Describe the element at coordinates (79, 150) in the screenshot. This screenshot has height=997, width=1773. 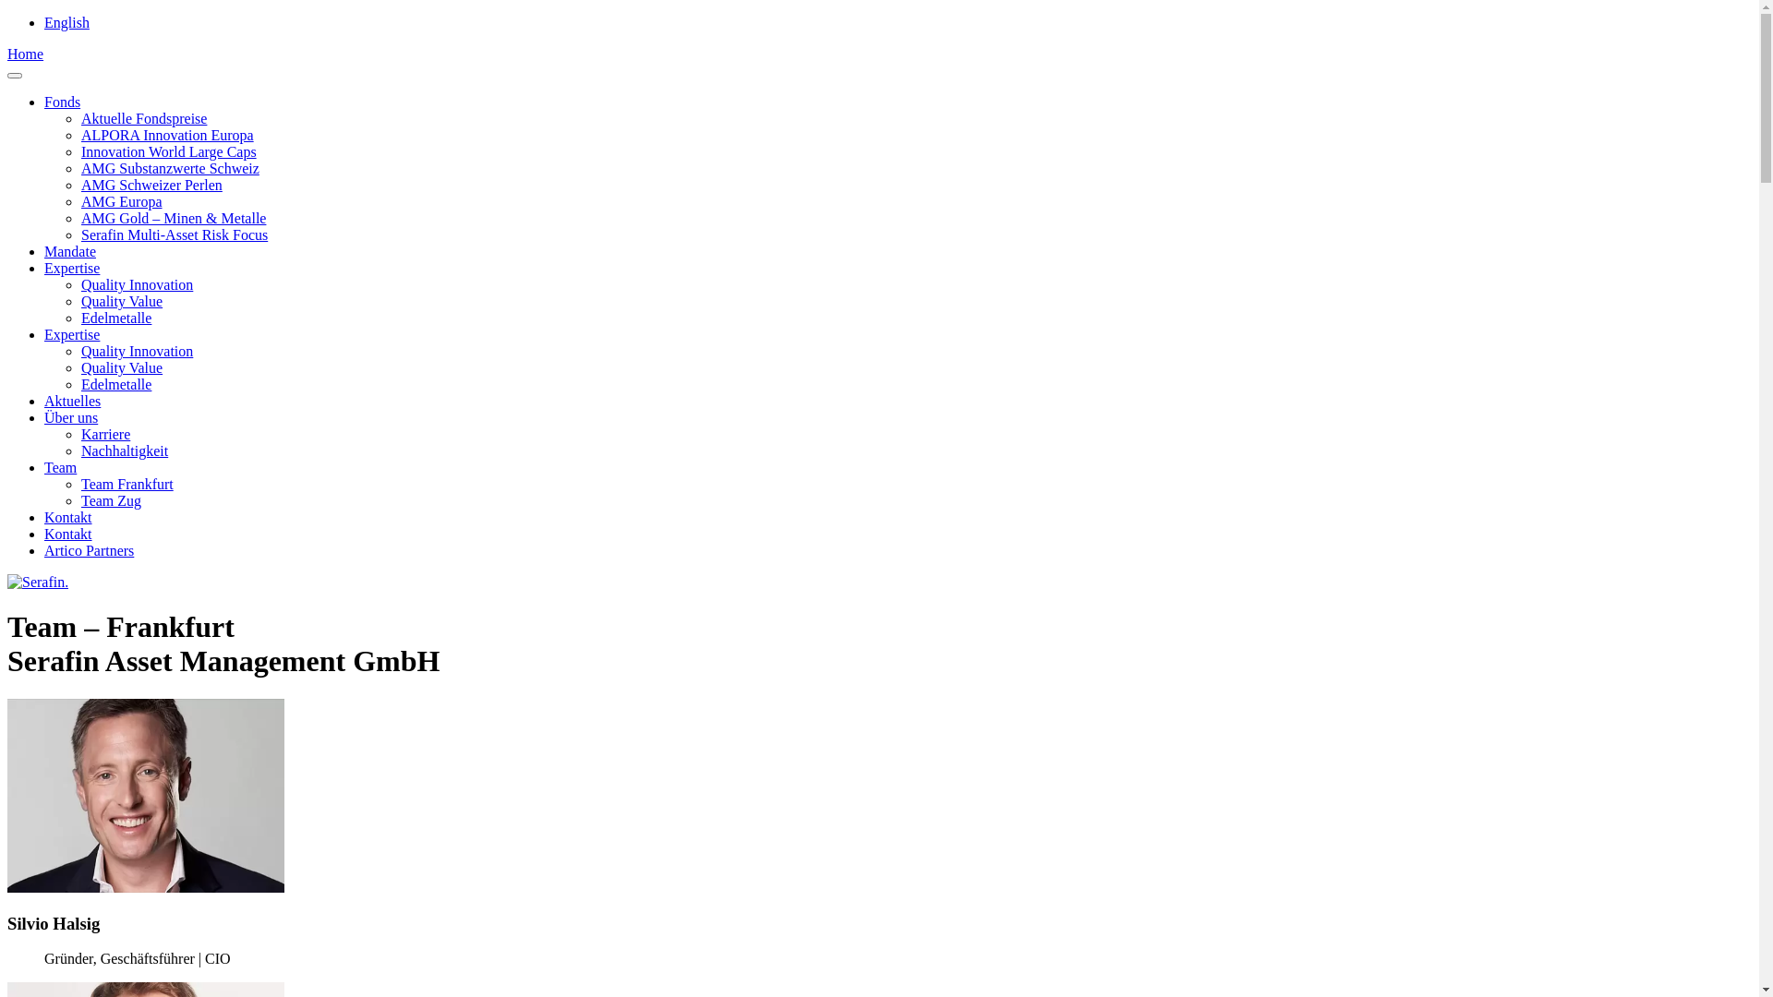
I see `'Innovation World Large Caps'` at that location.